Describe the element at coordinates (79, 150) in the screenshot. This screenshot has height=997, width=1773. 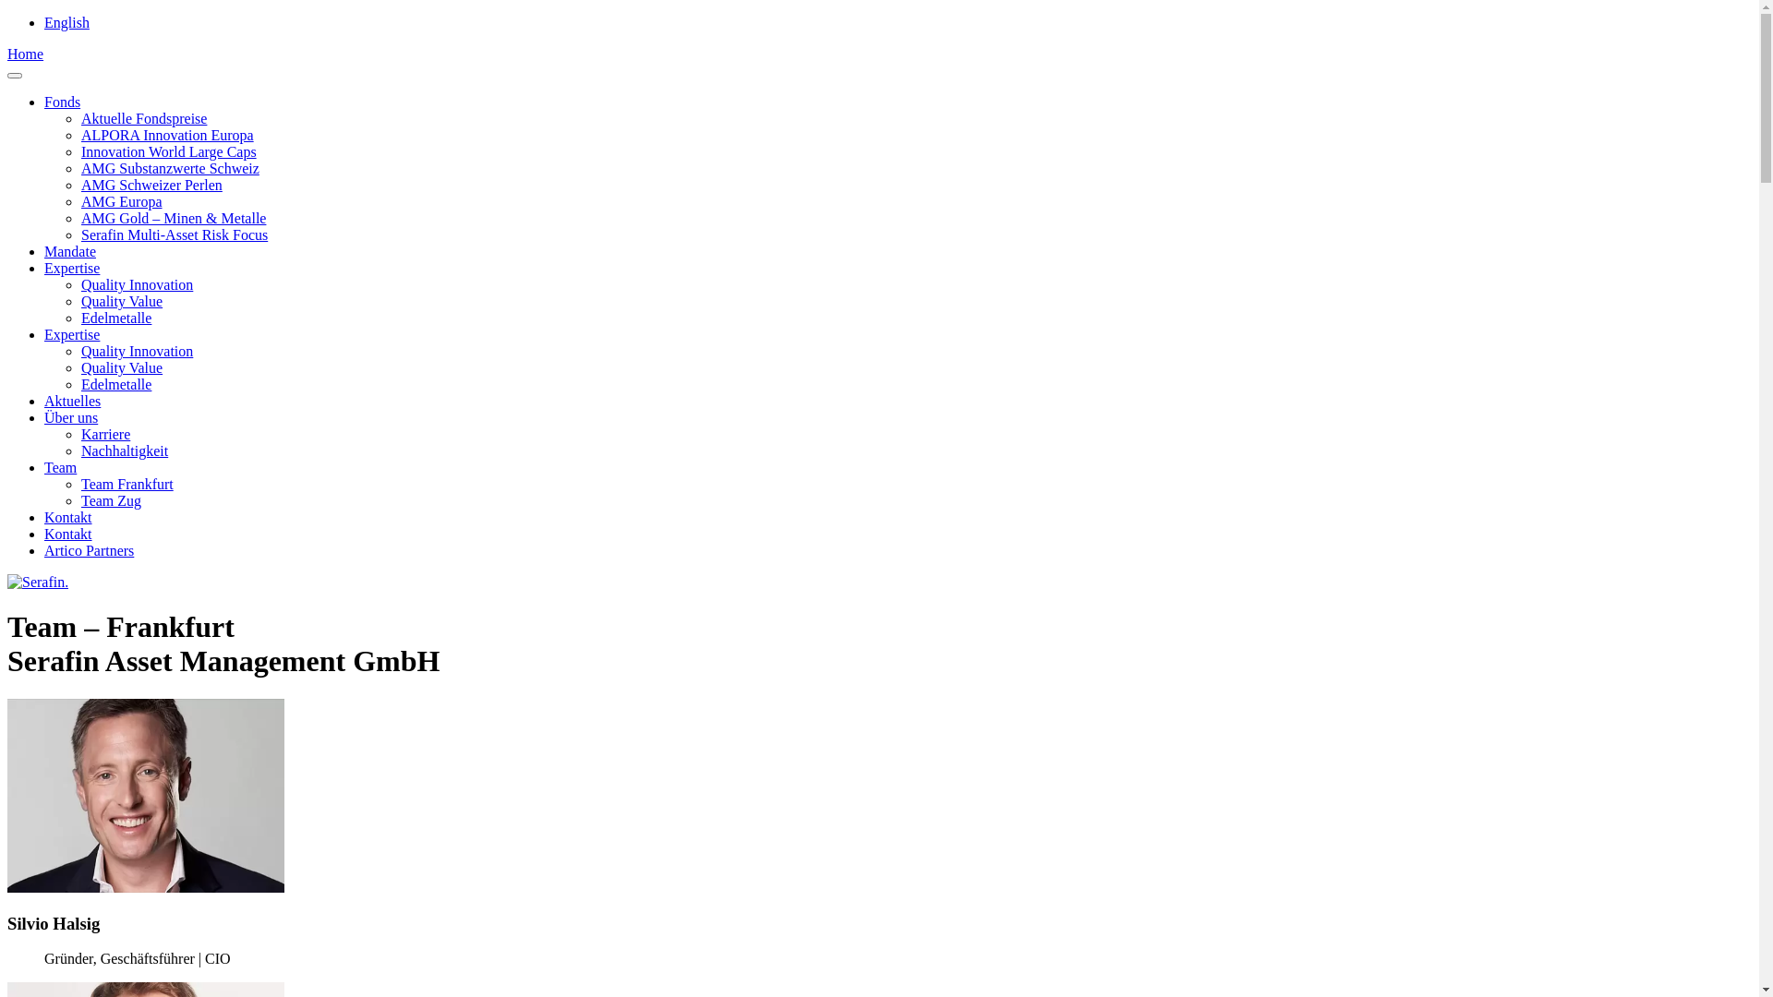
I see `'Innovation World Large Caps'` at that location.